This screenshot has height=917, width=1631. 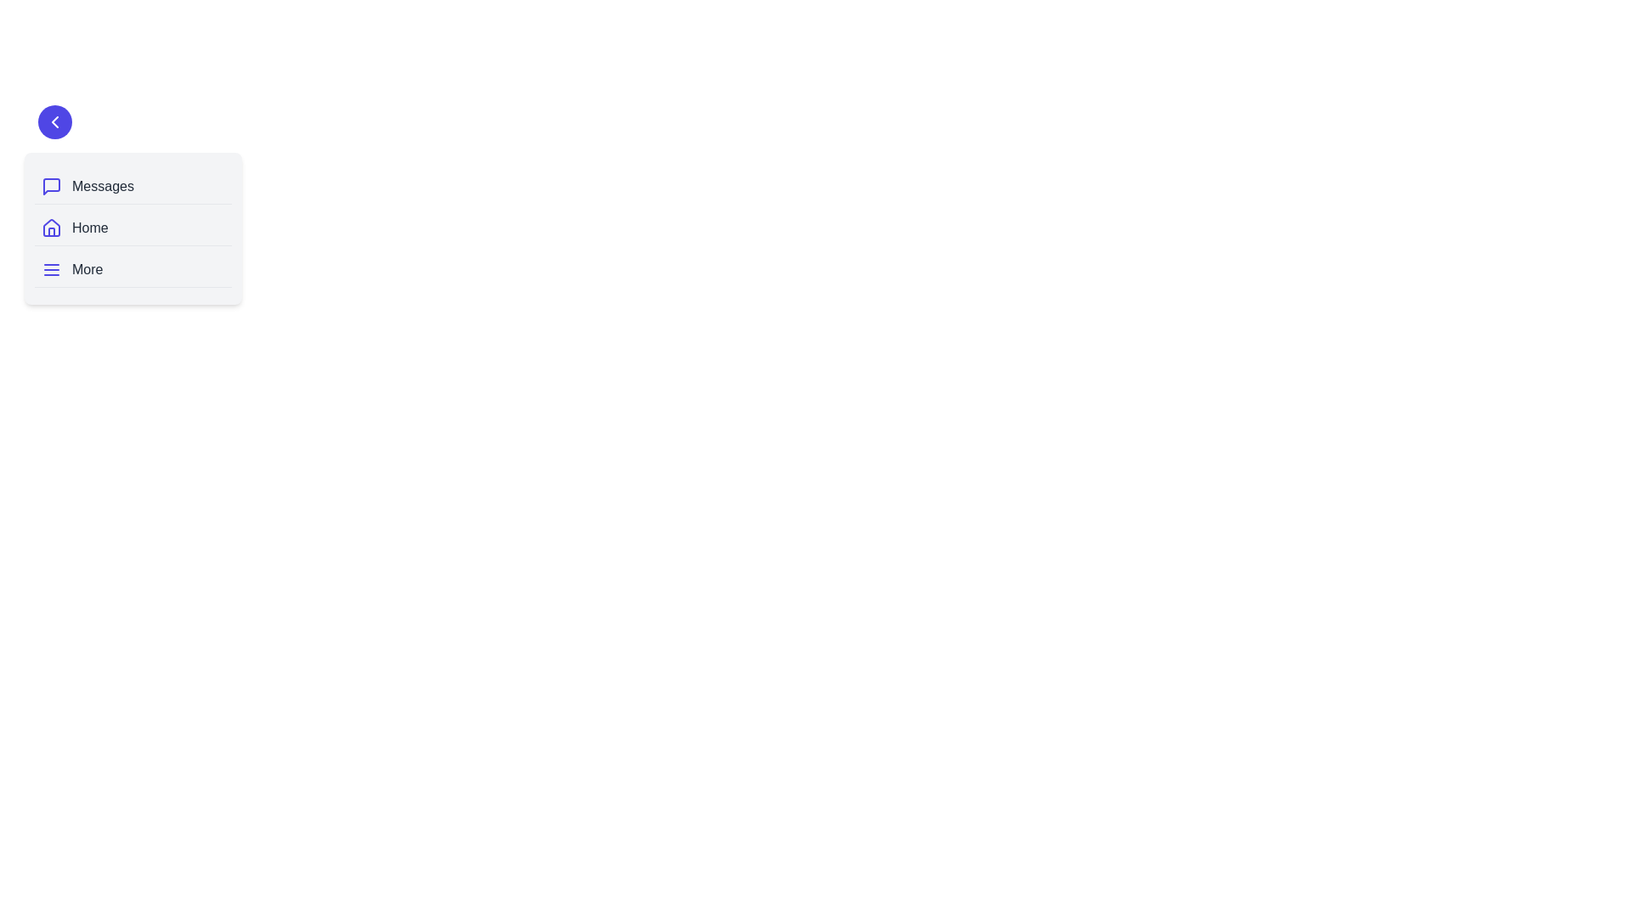 What do you see at coordinates (52, 228) in the screenshot?
I see `the icon labeled 'Home'` at bounding box center [52, 228].